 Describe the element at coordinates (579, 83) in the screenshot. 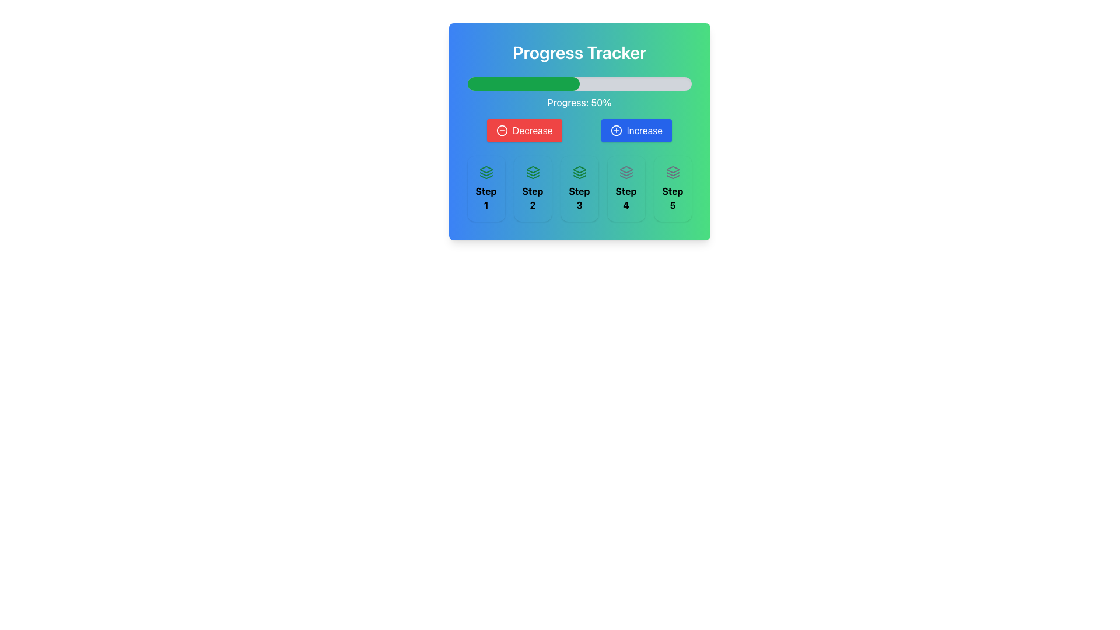

I see `the progress bar indicating 50% completion, which is located centrally below the 'Progress Tracker' title and above the 'Progress: 50%' label` at that location.